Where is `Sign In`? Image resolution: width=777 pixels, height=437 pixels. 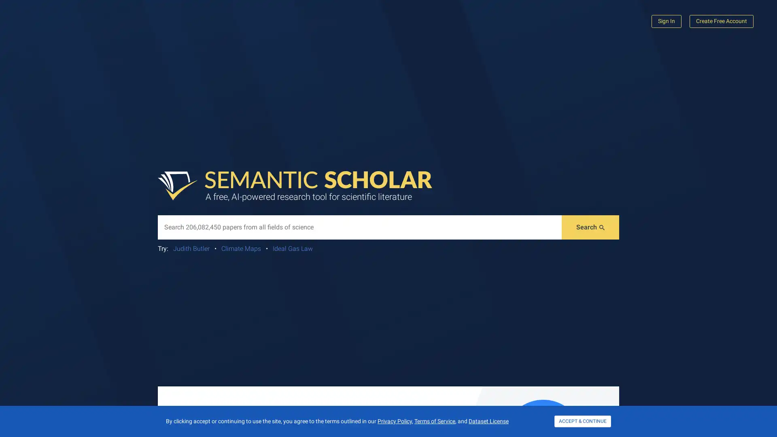 Sign In is located at coordinates (666, 21).